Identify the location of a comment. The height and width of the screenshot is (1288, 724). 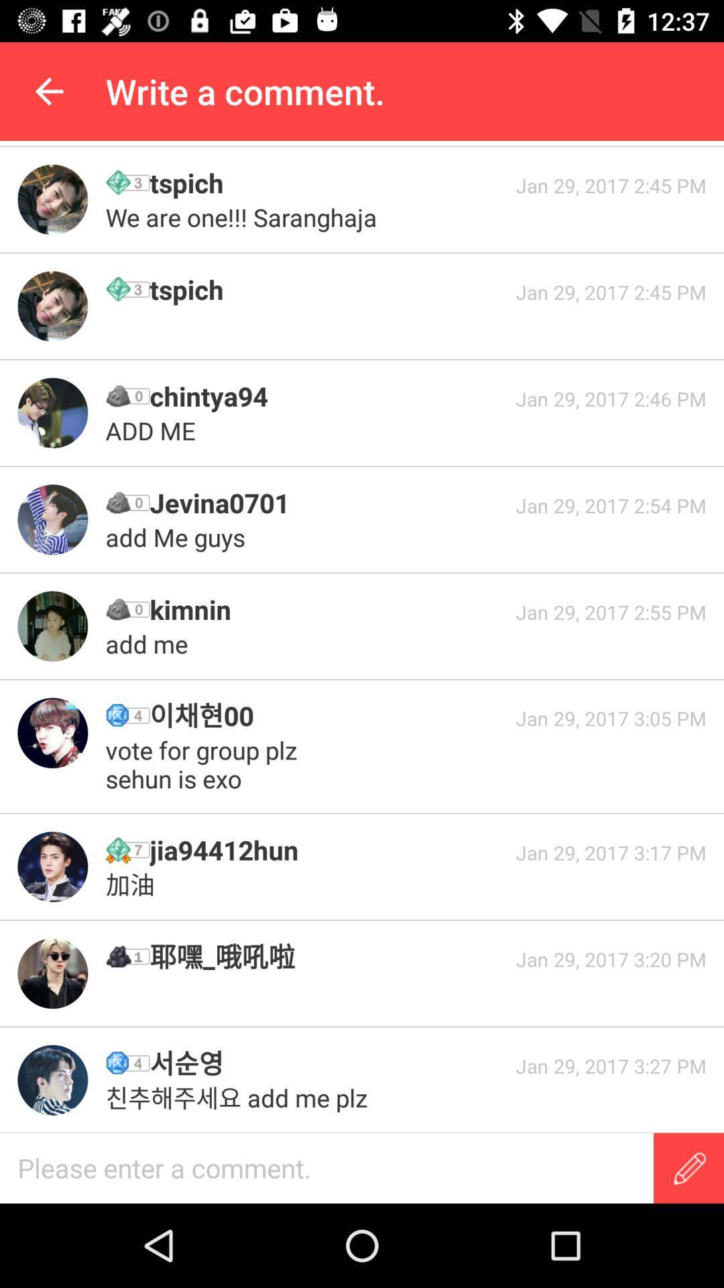
(326, 1167).